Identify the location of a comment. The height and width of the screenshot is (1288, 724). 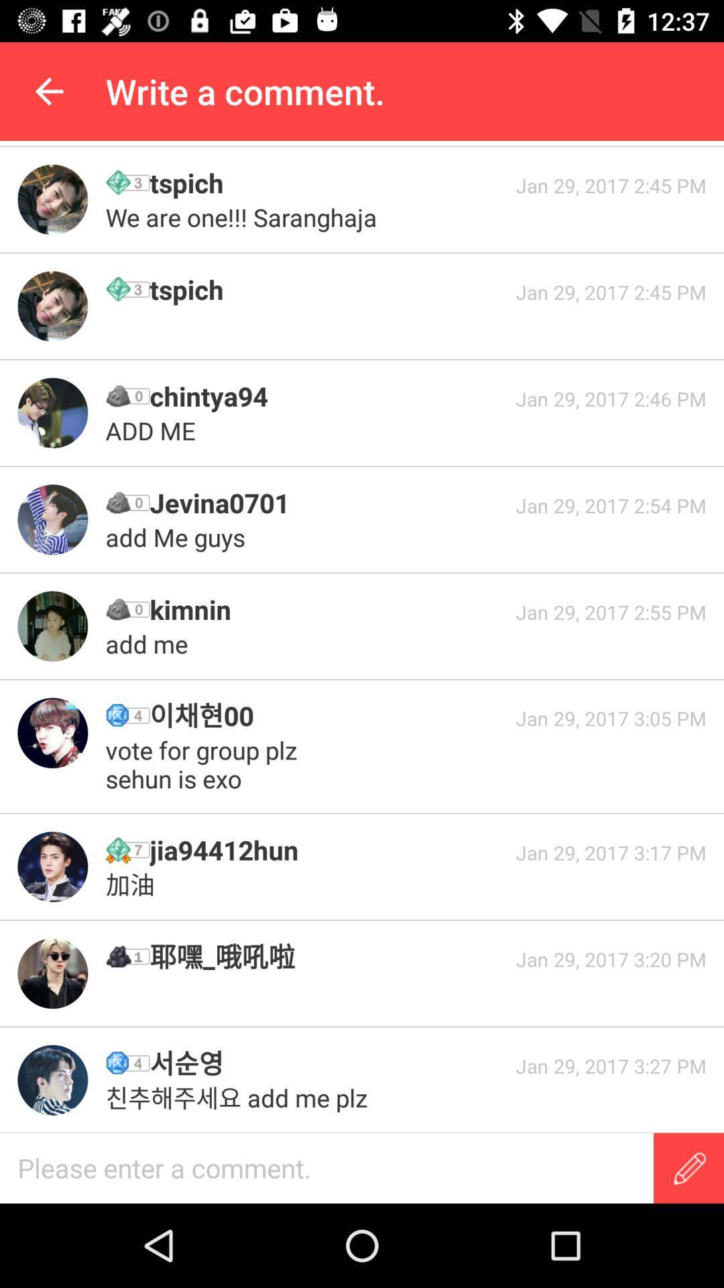
(326, 1167).